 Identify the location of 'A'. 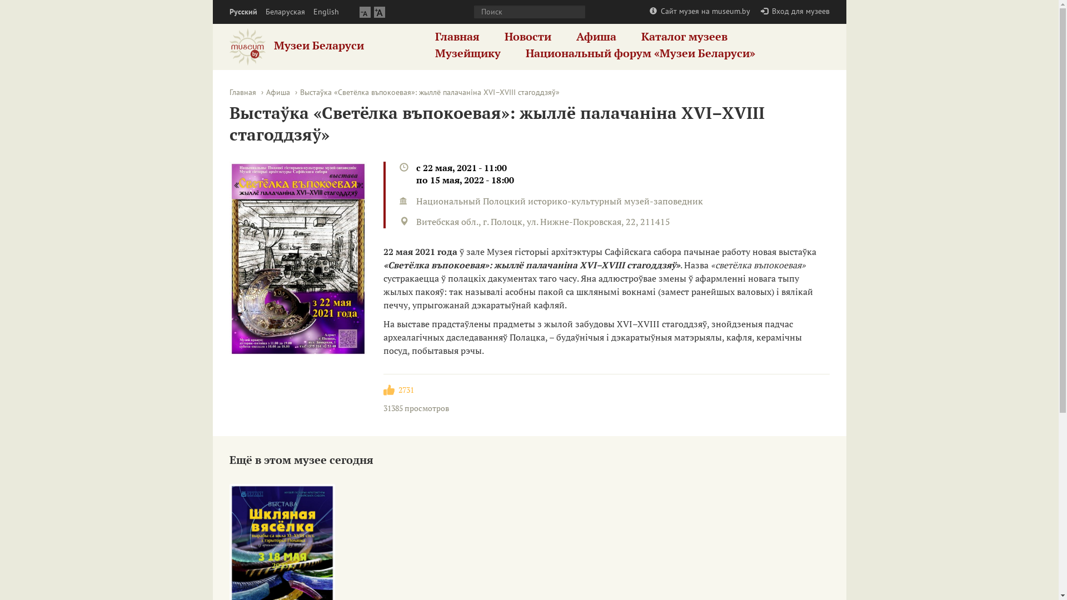
(378, 12).